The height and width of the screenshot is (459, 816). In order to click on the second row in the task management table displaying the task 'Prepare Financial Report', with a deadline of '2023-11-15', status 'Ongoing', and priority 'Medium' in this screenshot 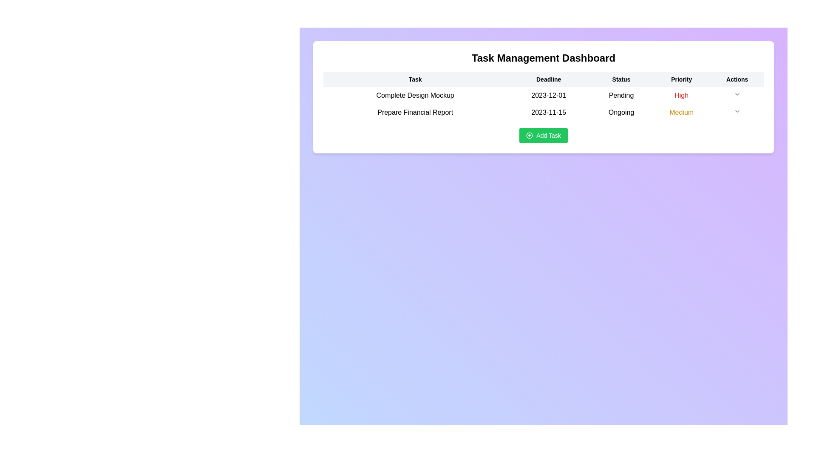, I will do `click(543, 112)`.